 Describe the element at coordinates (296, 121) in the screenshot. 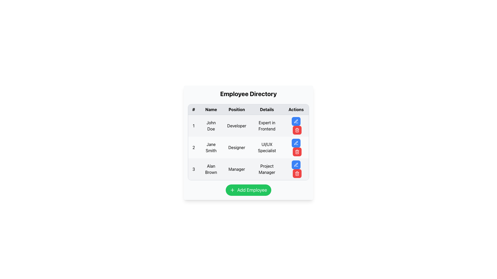

I see `the small pen icon in the 'Actions' column next to 'Jane Smith' in the employee table to initiate the editing process` at that location.